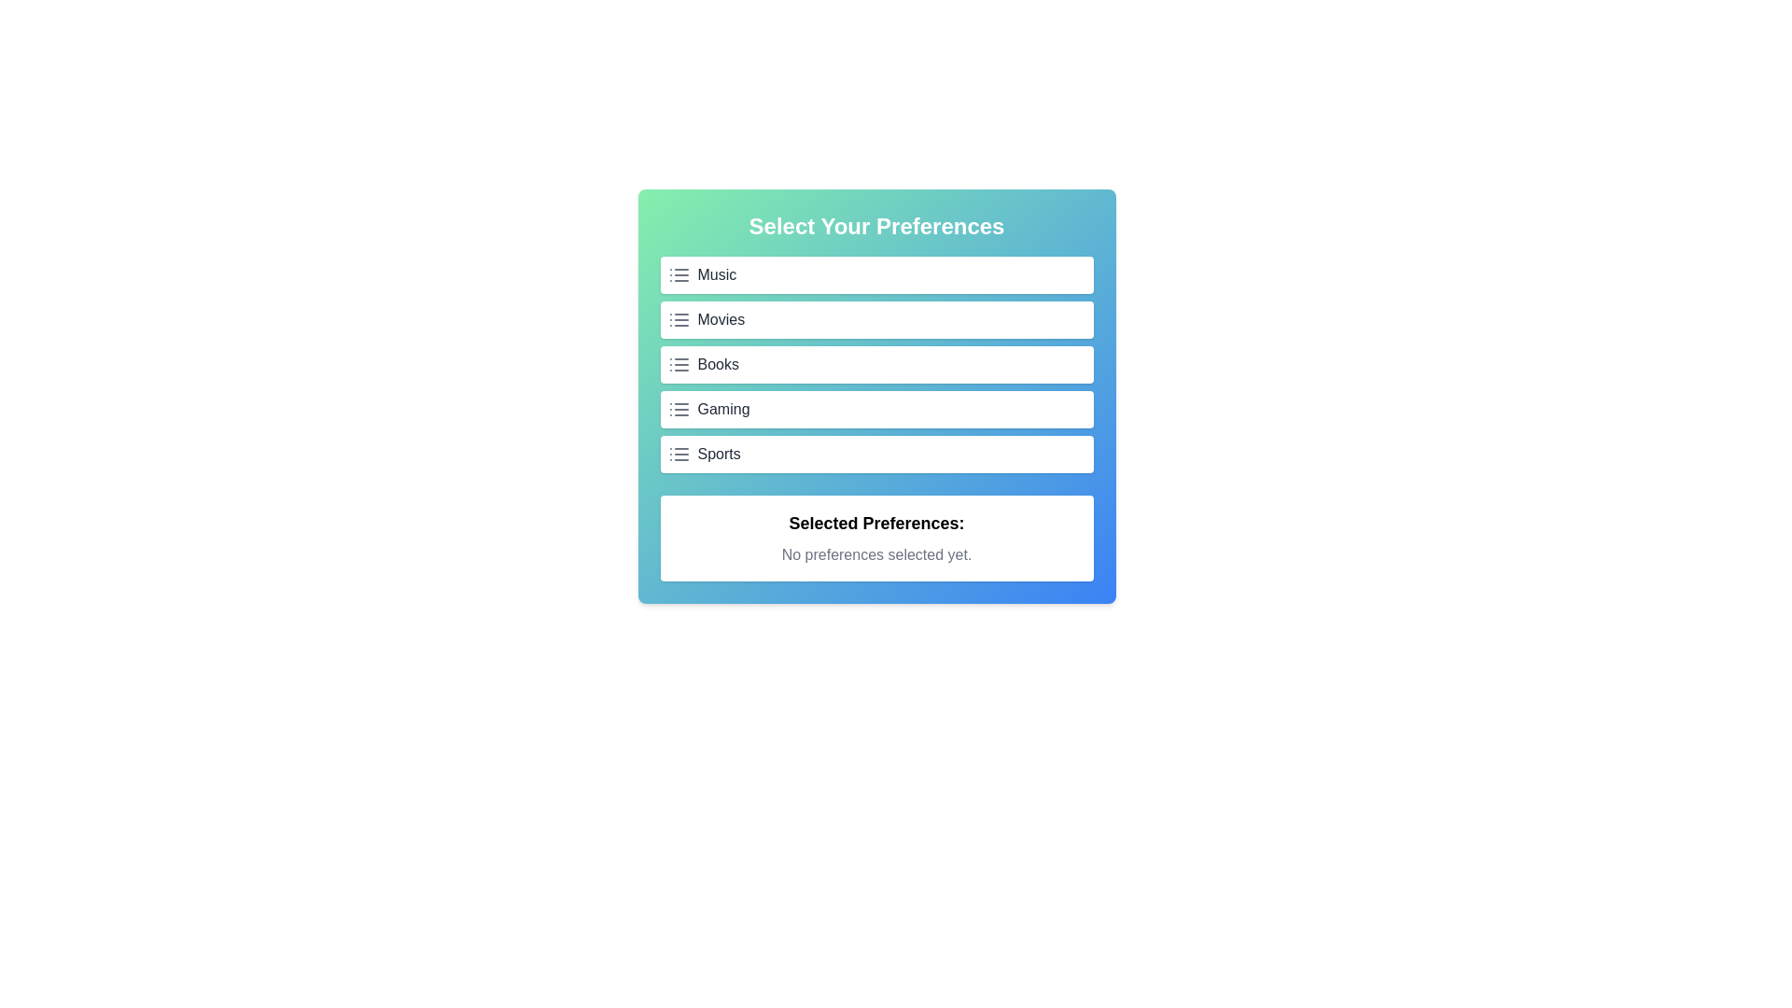  What do you see at coordinates (678, 274) in the screenshot?
I see `the icon element located to the left of the 'Music' label in the first row of the list, which visually indicates the options available for the music group` at bounding box center [678, 274].